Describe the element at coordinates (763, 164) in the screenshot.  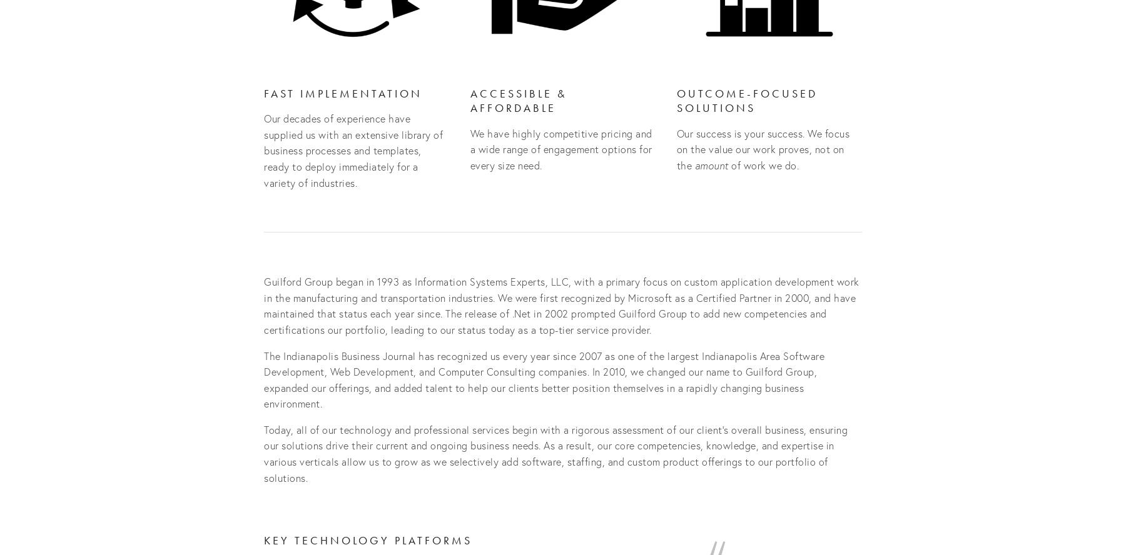
I see `'of work we do.'` at that location.